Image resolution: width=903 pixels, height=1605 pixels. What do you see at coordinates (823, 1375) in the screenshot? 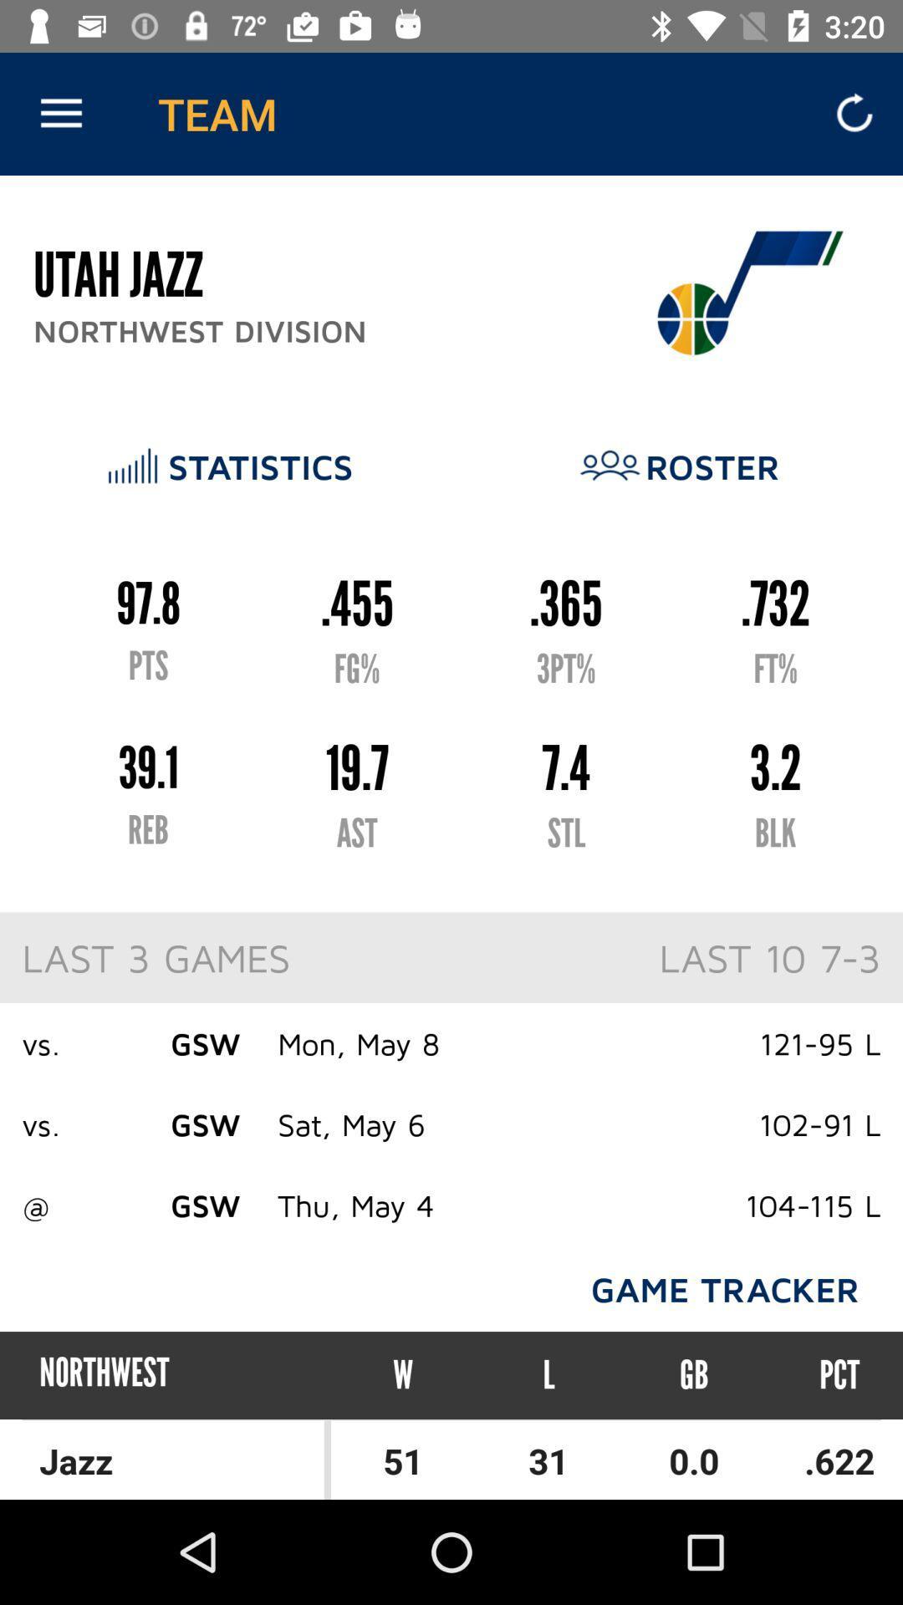
I see `the pct item` at bounding box center [823, 1375].